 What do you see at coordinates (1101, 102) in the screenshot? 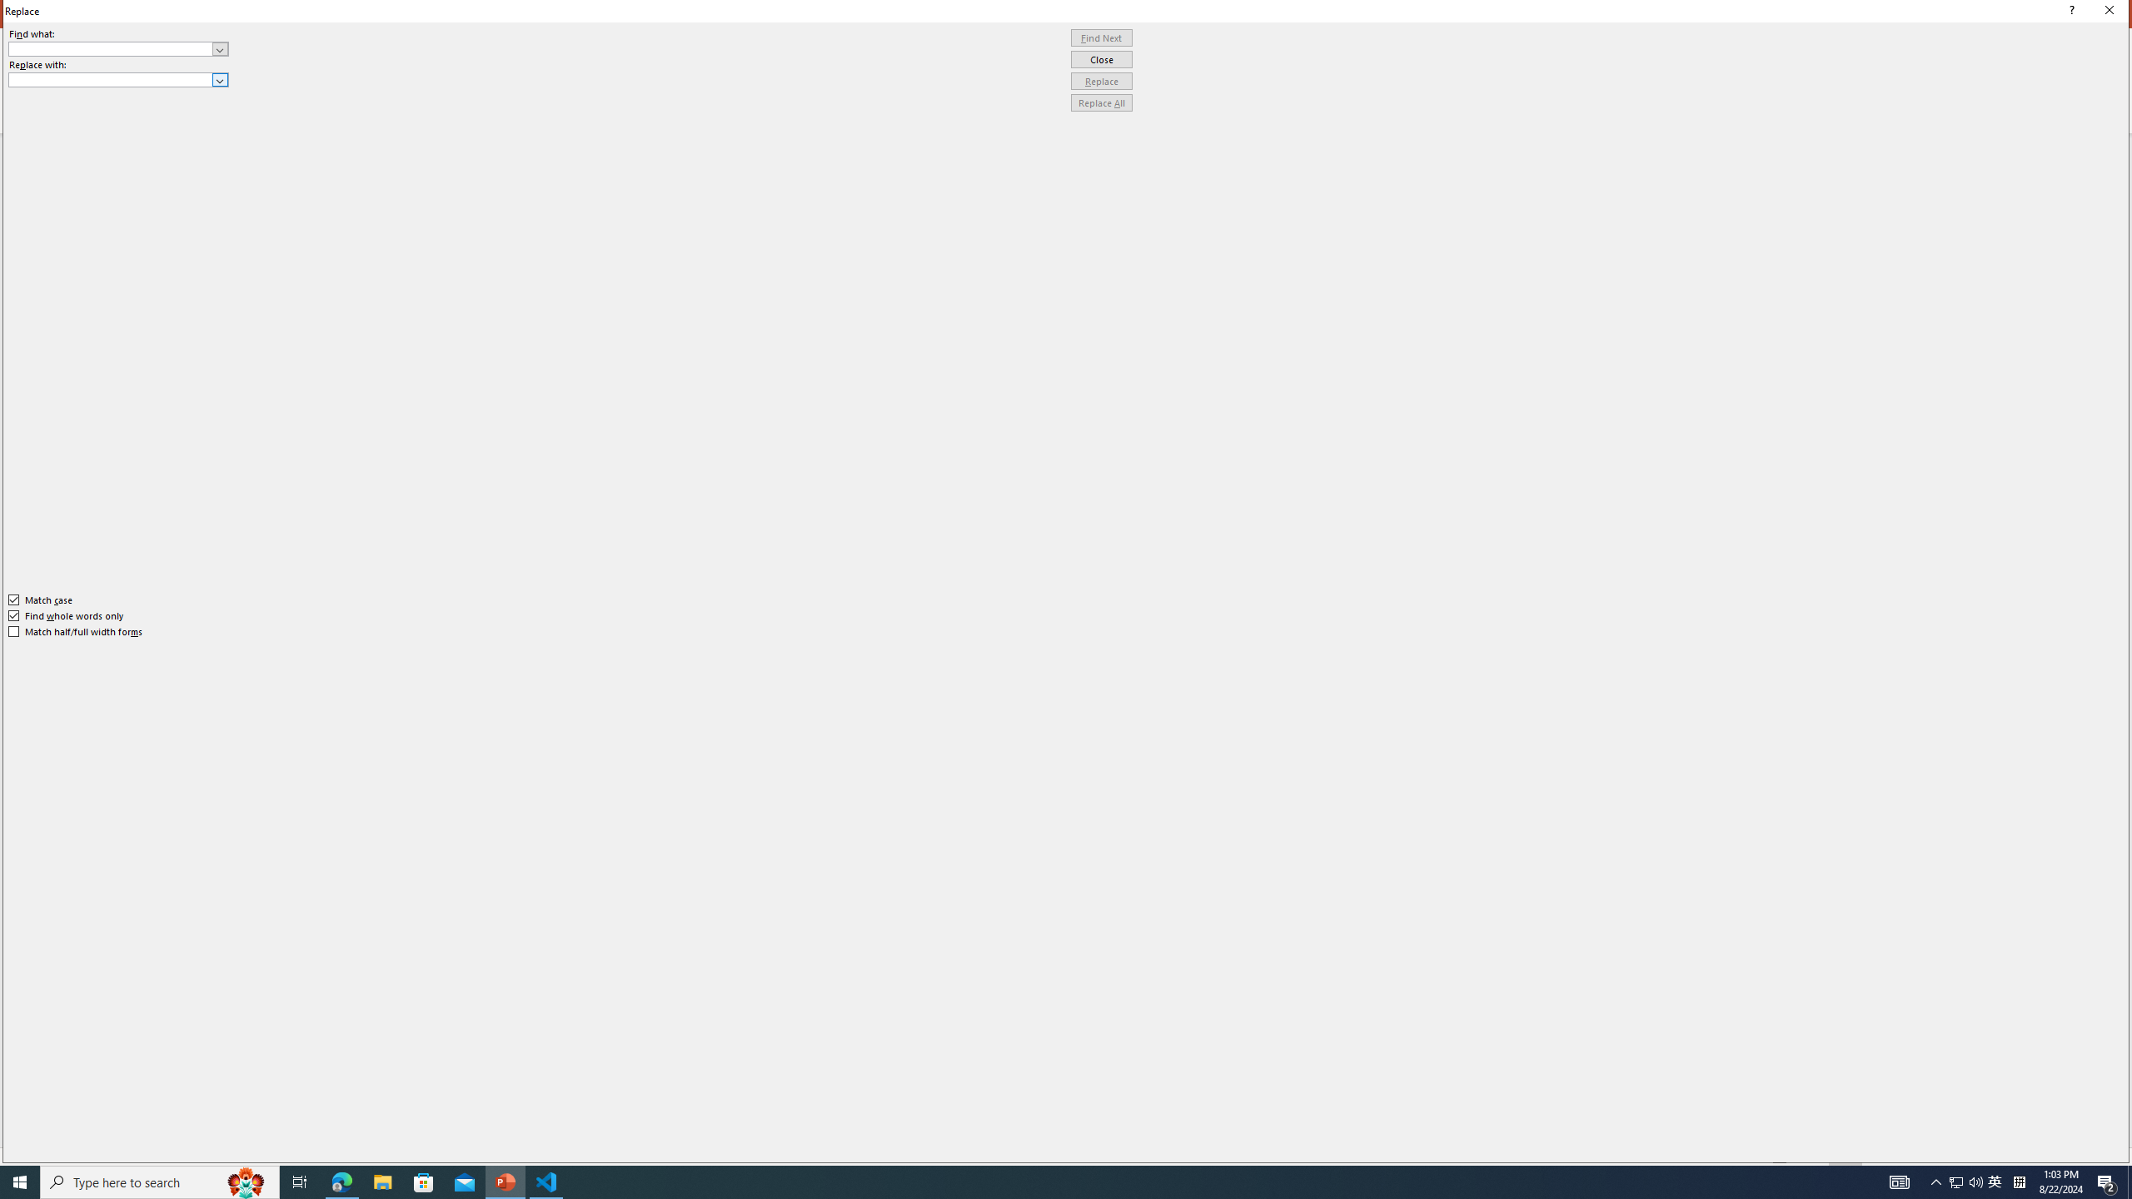
I see `'Replace All'` at bounding box center [1101, 102].